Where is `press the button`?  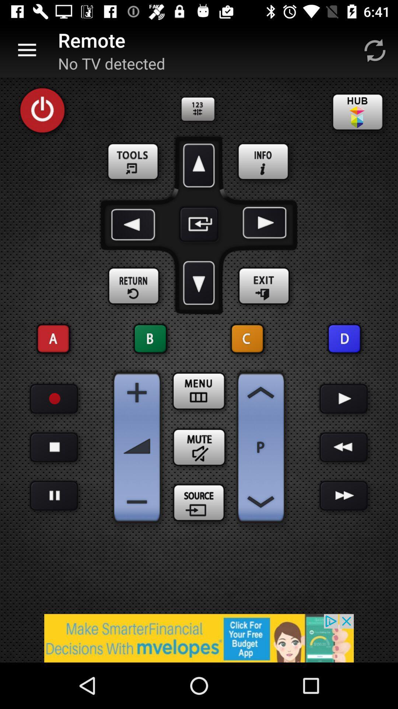
press the button is located at coordinates (53, 447).